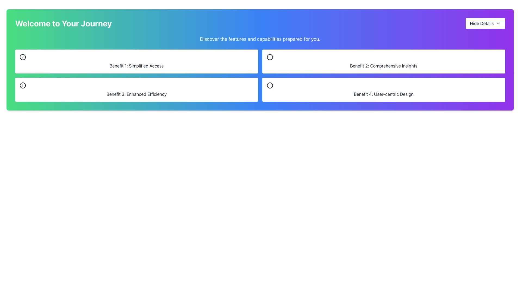  What do you see at coordinates (136, 94) in the screenshot?
I see `text content of the descriptive label indicating 'Benefit 3: Enhanced Efficiency' located in the third card of a vertically arranged card layout` at bounding box center [136, 94].